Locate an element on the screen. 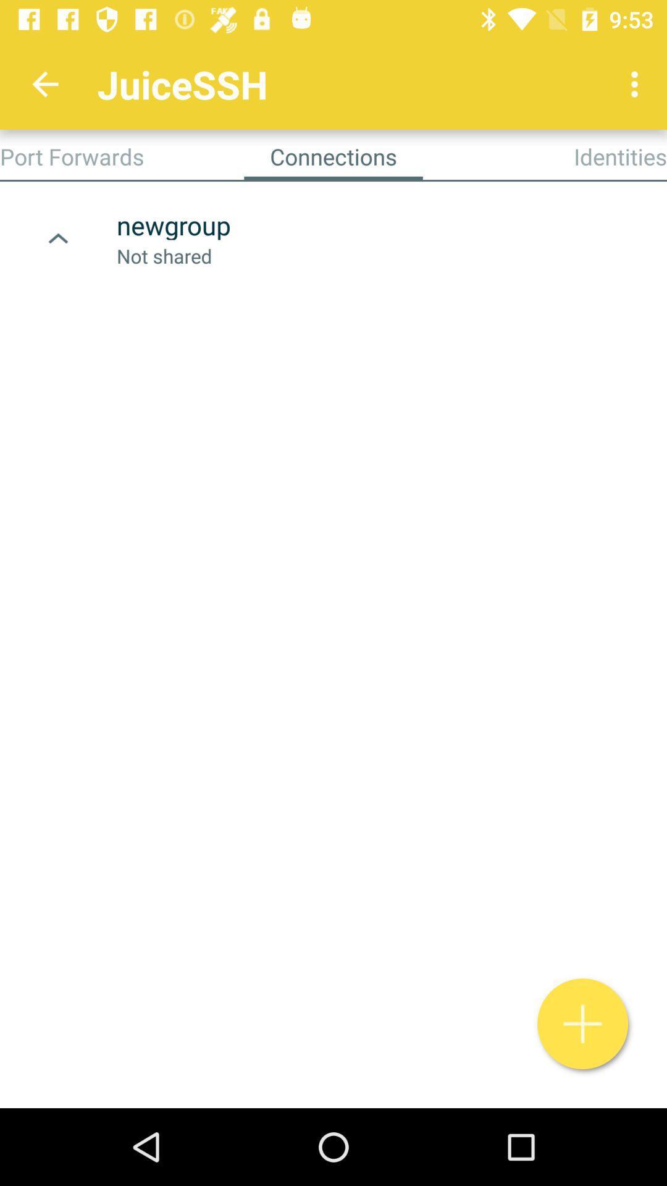  the icon next to juicessh icon is located at coordinates (637, 83).